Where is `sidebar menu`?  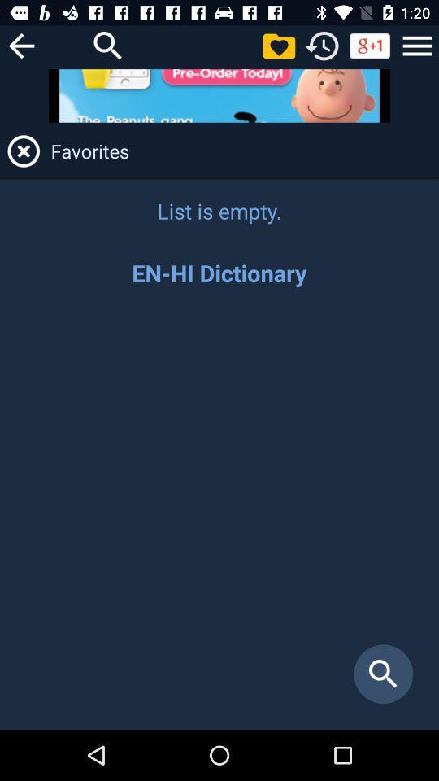
sidebar menu is located at coordinates (417, 45).